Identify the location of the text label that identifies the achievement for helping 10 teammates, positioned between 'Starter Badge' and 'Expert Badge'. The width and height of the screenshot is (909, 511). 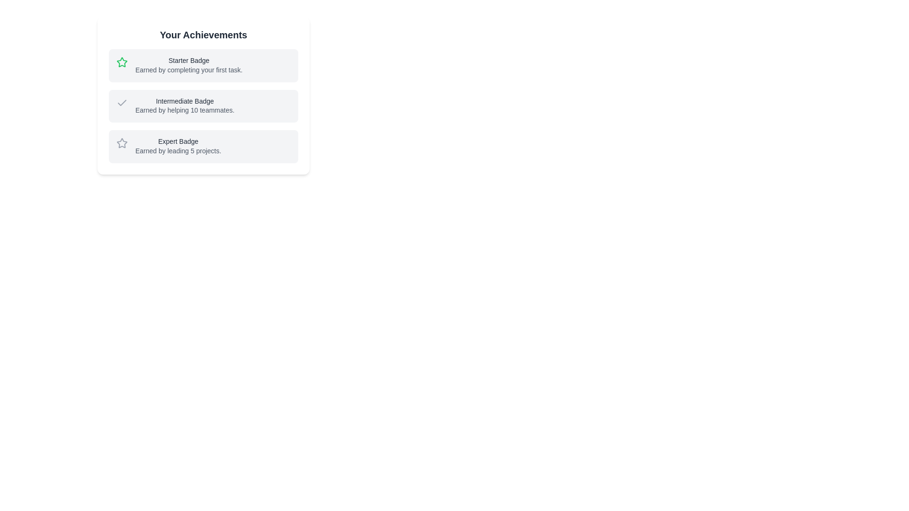
(185, 101).